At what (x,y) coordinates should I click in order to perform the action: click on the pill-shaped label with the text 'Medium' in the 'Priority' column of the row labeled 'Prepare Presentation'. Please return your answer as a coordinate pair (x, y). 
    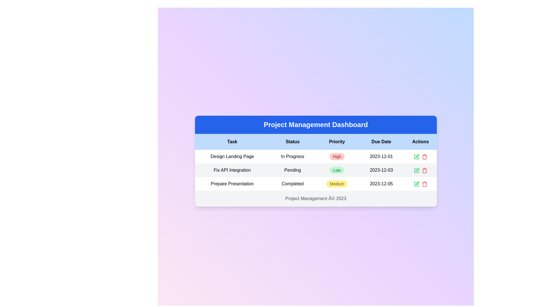
    Looking at the image, I should click on (337, 184).